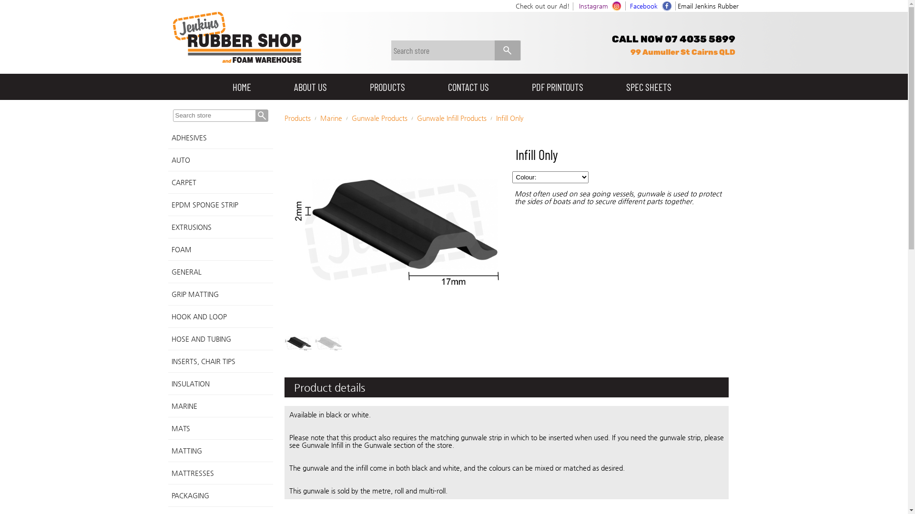 The height and width of the screenshot is (514, 915). What do you see at coordinates (167, 294) in the screenshot?
I see `'GRIP MATTING'` at bounding box center [167, 294].